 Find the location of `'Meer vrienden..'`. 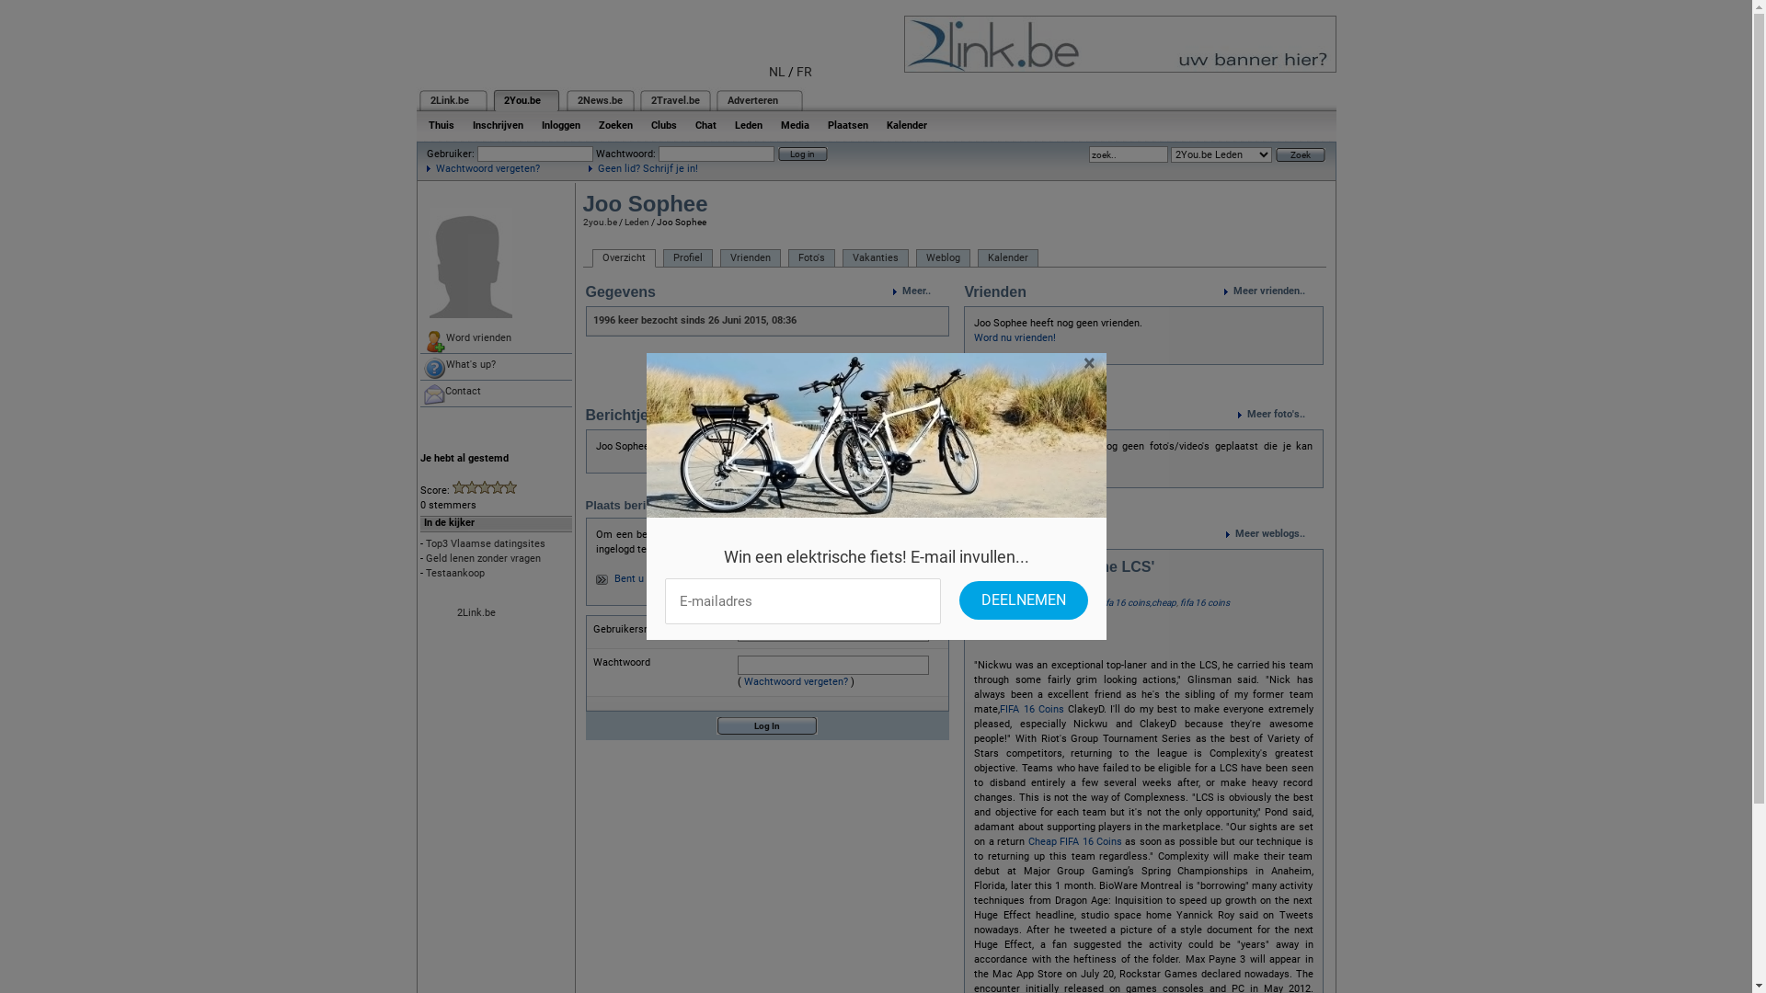

'Meer vrienden..' is located at coordinates (1271, 290).